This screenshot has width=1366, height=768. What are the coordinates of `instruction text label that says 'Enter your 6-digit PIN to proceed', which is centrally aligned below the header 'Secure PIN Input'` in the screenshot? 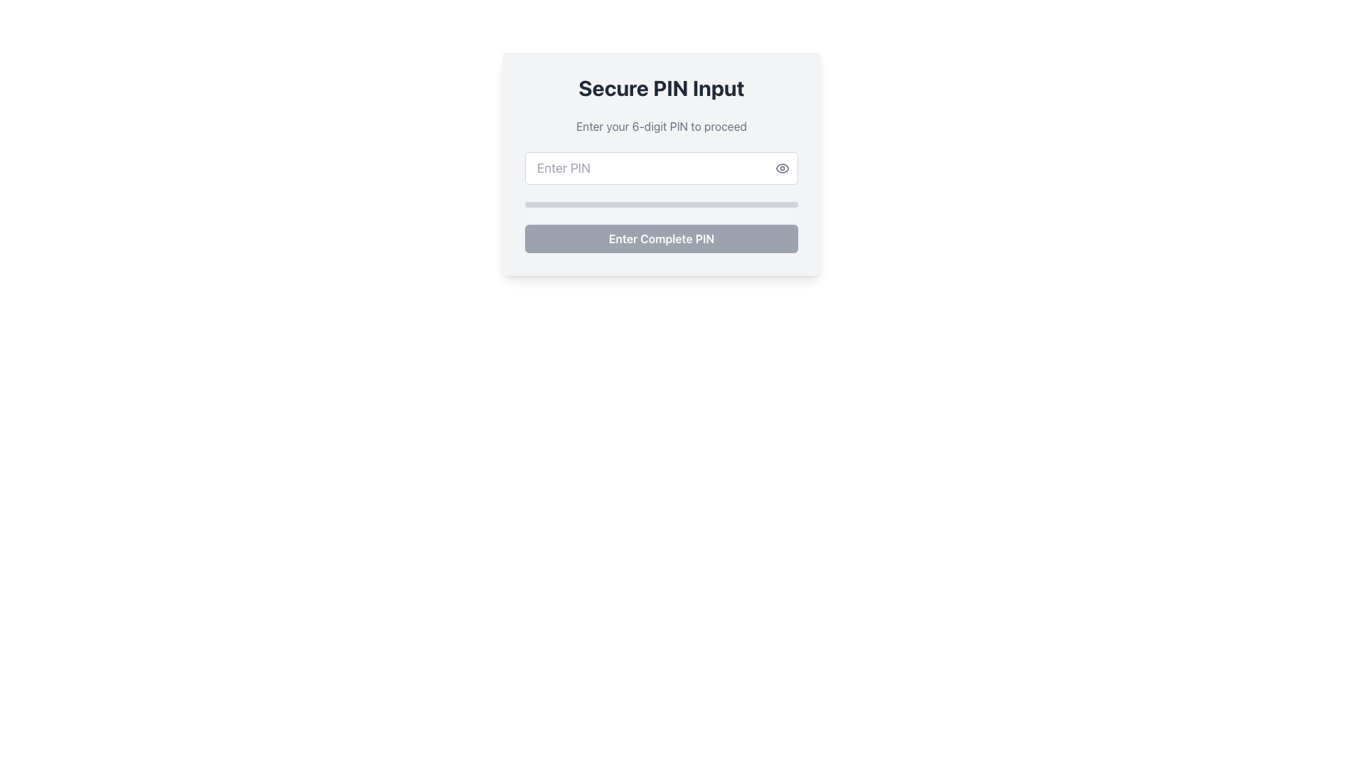 It's located at (661, 125).